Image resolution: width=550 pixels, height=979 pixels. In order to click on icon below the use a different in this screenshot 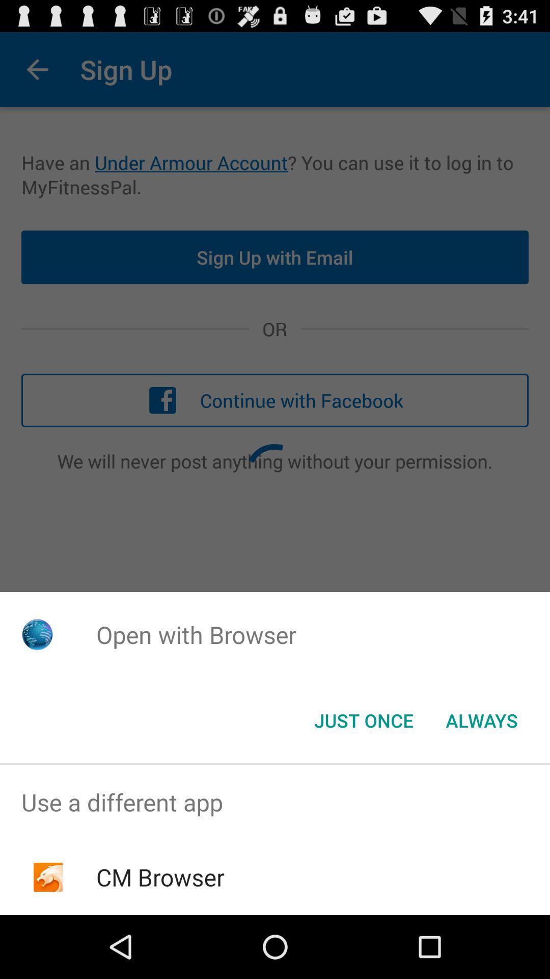, I will do `click(160, 877)`.